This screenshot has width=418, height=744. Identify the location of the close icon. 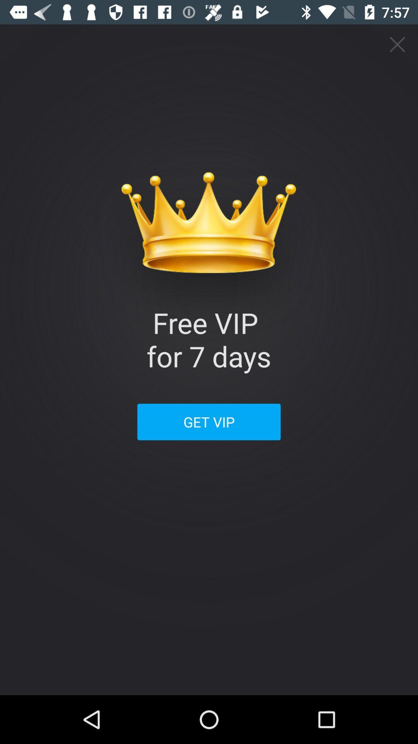
(397, 44).